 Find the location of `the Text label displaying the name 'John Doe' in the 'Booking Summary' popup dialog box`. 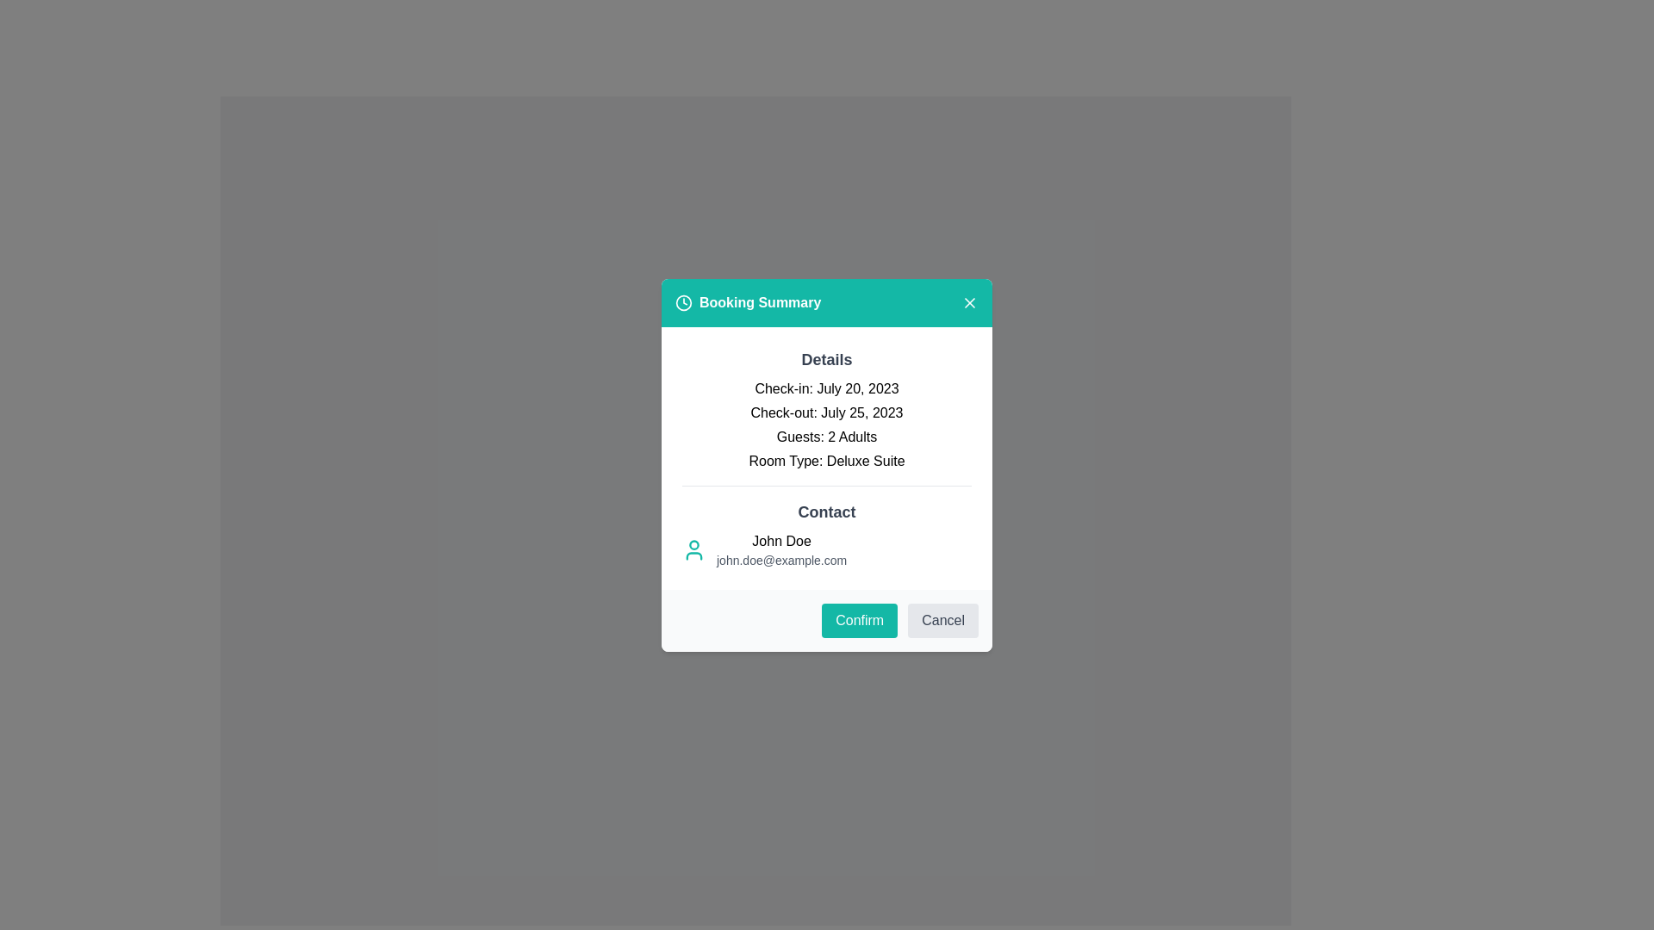

the Text label displaying the name 'John Doe' in the 'Booking Summary' popup dialog box is located at coordinates (780, 540).